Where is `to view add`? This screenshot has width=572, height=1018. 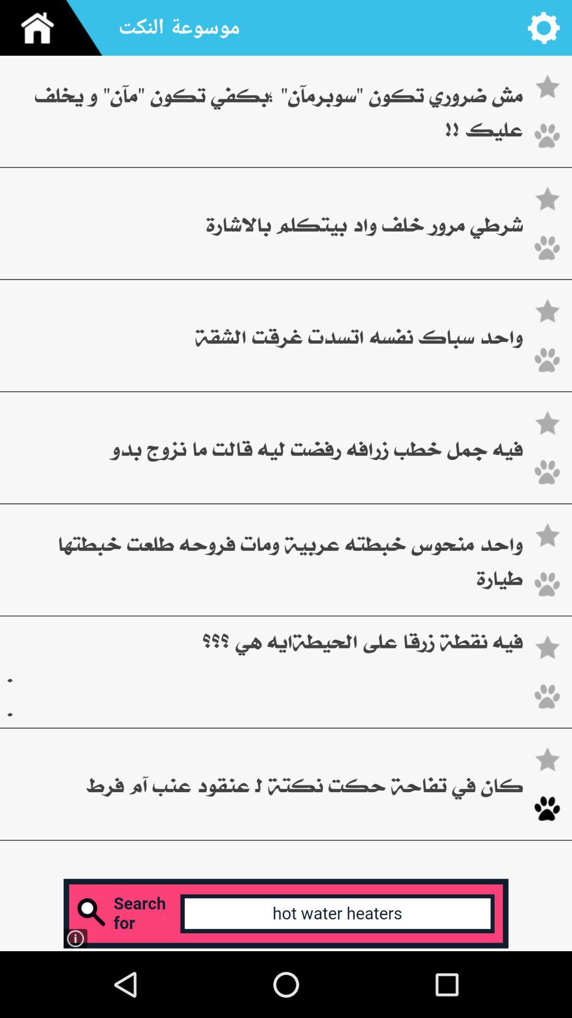
to view add is located at coordinates (286, 913).